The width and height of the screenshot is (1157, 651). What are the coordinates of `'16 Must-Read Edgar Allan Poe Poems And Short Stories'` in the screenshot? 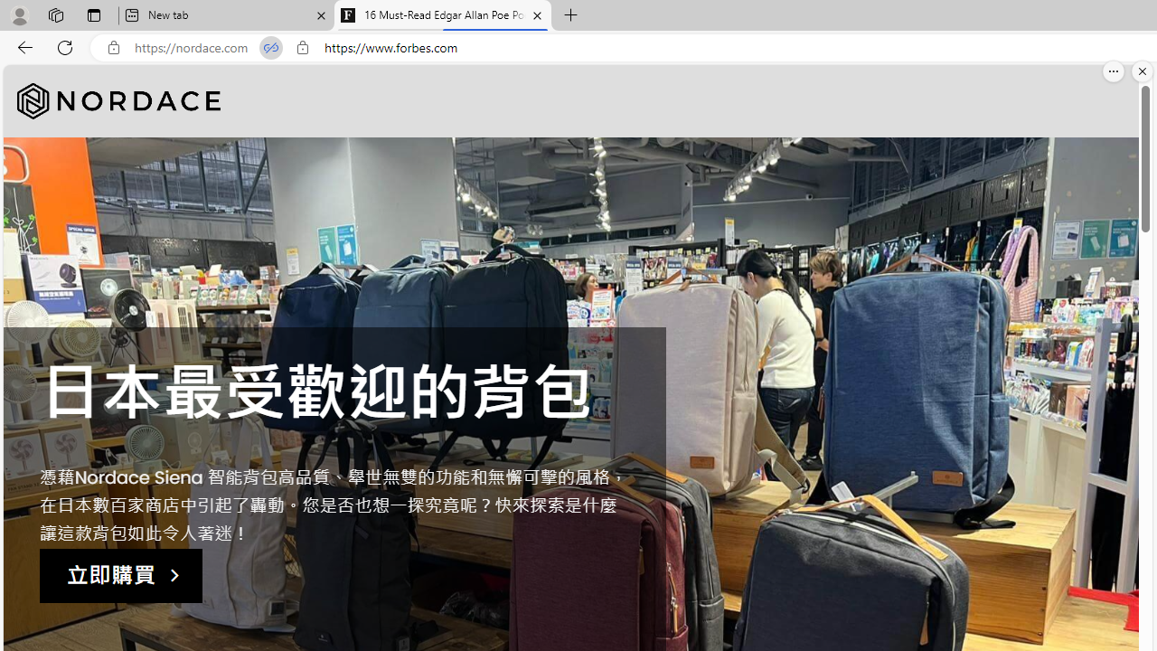 It's located at (443, 15).